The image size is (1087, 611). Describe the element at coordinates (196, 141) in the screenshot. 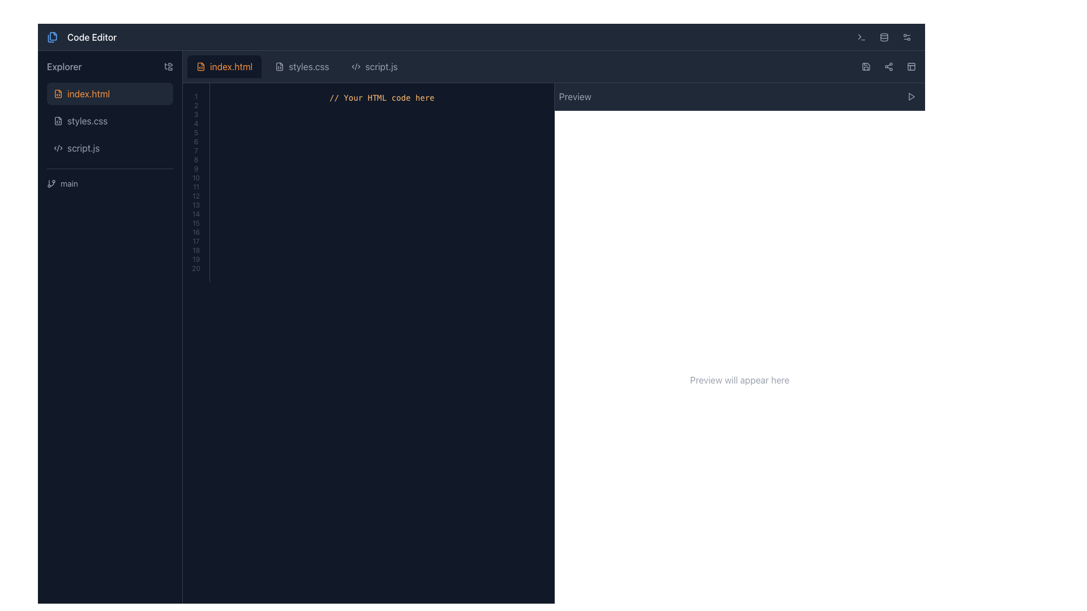

I see `the static text label displaying the number '6', which is styled with gray text and small font size, located at the 6th slot in a vertical list of numeric labels` at that location.